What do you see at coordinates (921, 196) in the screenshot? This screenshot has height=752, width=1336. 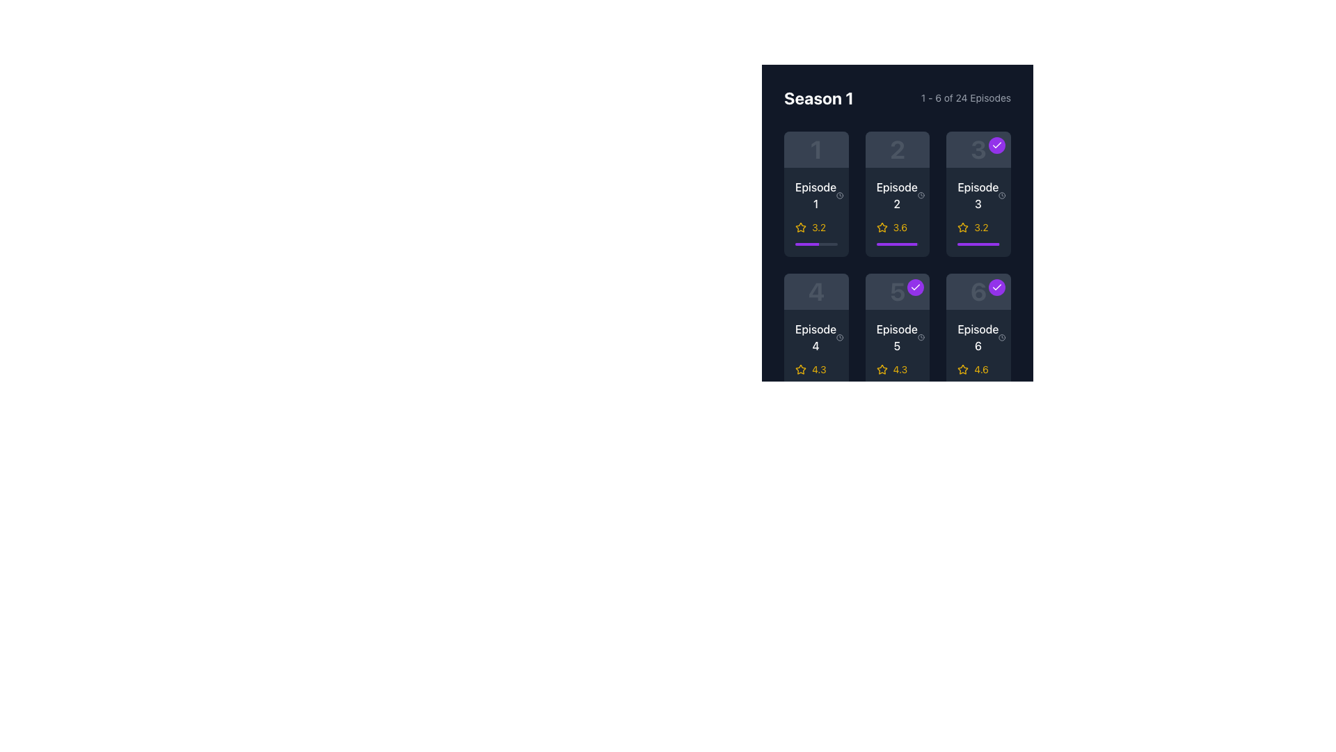 I see `the circular graphical element that serves as the base of the clock icon located in the 'Episode 2' card in the top row, second column of the grid layout` at bounding box center [921, 196].